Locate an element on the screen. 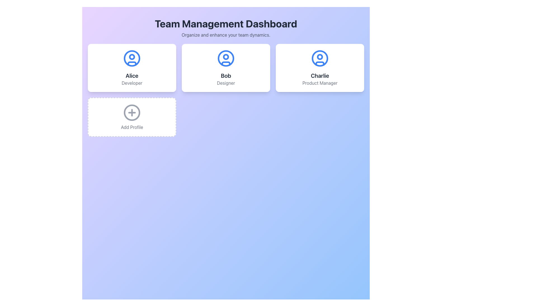 The image size is (537, 302). the graphical circle representing the user profile icon for 'Charlie' in the team management dashboard is located at coordinates (320, 57).